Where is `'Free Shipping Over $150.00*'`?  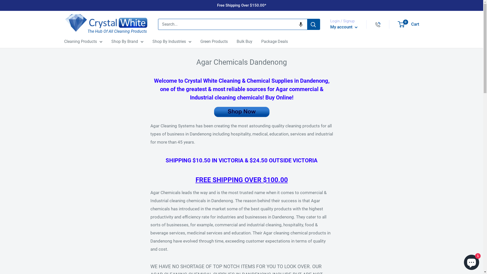 'Free Shipping Over $150.00*' is located at coordinates (217, 5).